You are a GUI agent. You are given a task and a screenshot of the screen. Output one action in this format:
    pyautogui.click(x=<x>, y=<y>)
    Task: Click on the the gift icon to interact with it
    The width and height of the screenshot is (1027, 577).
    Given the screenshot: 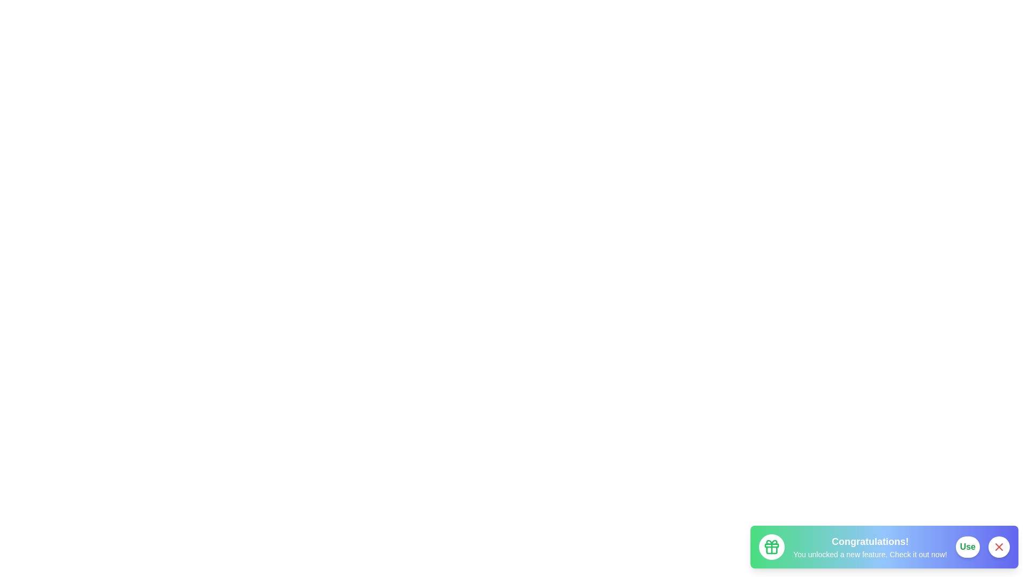 What is the action you would take?
    pyautogui.click(x=772, y=547)
    